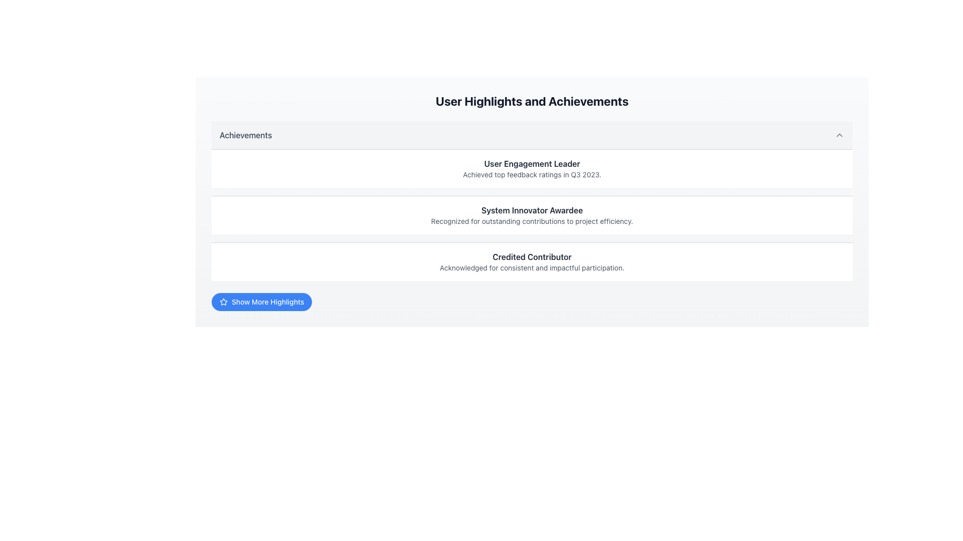 This screenshot has width=963, height=541. What do you see at coordinates (531, 174) in the screenshot?
I see `the non-interactive Text Label that provides information about the achievement 'User Engagement Leader' in the 'User Highlights and Achievements' section` at bounding box center [531, 174].